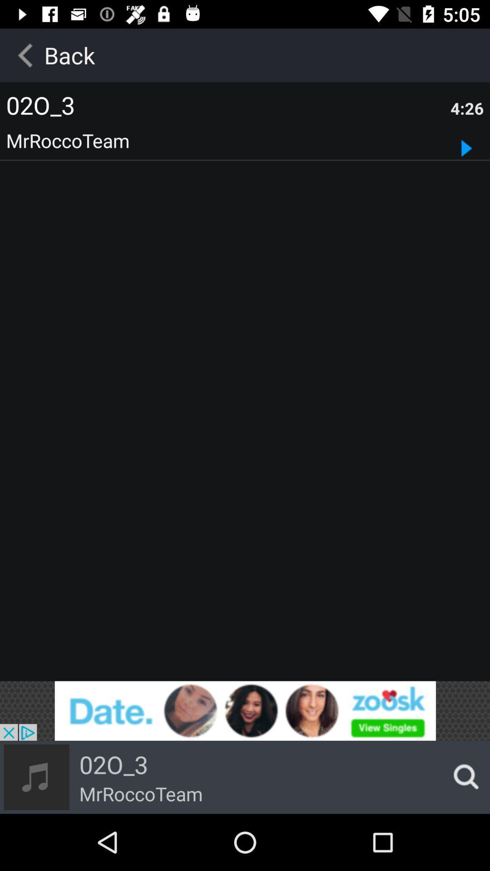 Image resolution: width=490 pixels, height=871 pixels. Describe the element at coordinates (463, 777) in the screenshot. I see `make a search` at that location.